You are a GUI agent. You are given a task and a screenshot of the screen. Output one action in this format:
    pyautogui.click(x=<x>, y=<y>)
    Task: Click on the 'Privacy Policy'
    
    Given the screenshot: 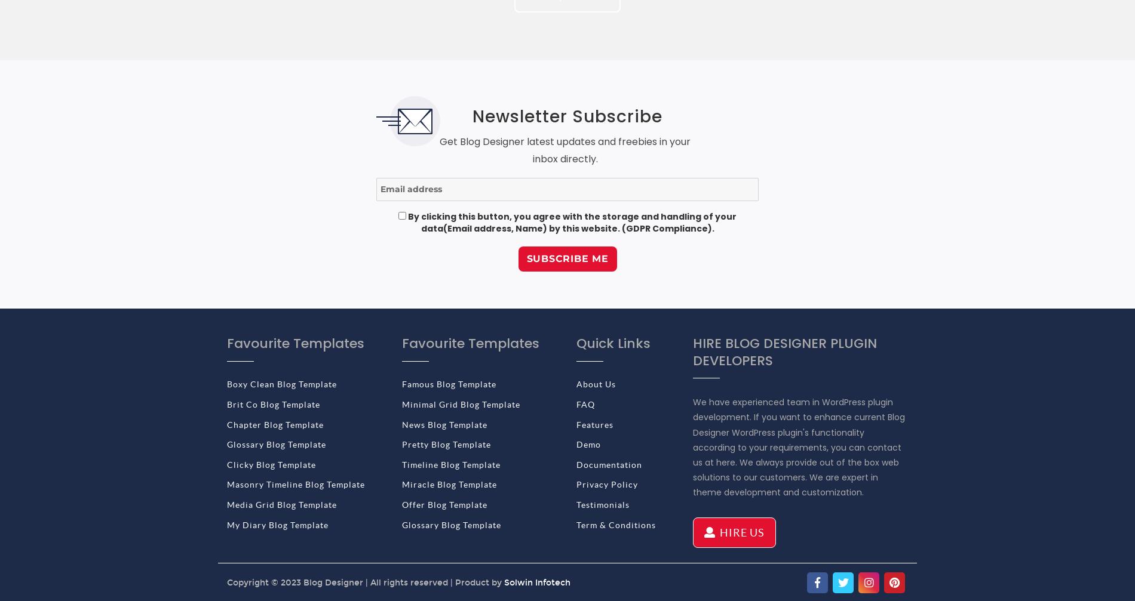 What is the action you would take?
    pyautogui.click(x=576, y=484)
    